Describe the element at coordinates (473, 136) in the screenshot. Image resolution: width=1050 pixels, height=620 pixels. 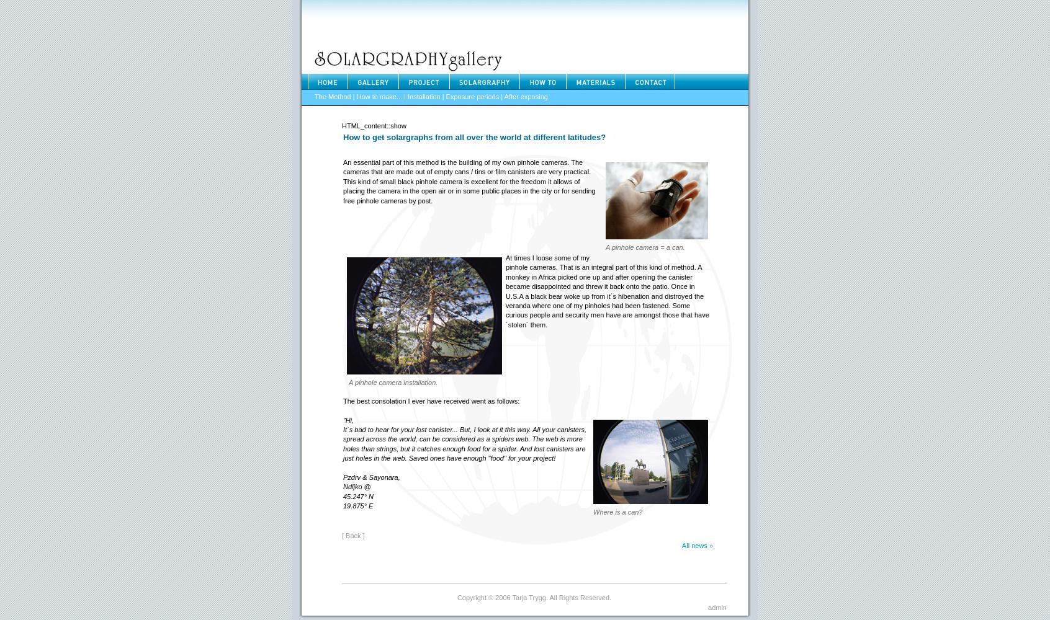
I see `'How to get solargraphs from all over the world at different latitudes?'` at that location.